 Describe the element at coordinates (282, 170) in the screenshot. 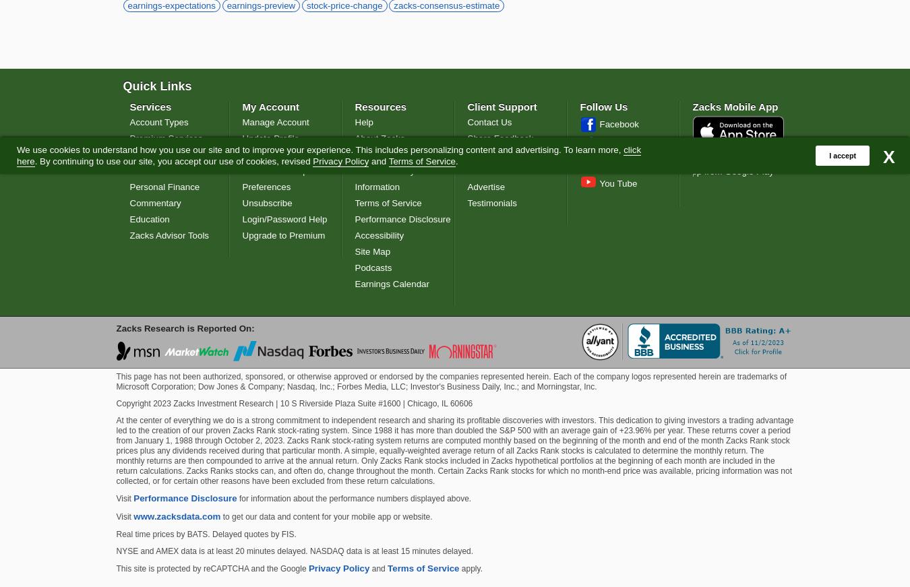

I see `'Cancel Subscription'` at that location.